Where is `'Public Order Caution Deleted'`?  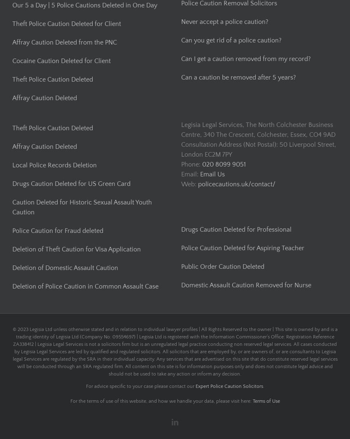 'Public Order Caution Deleted' is located at coordinates (180, 266).